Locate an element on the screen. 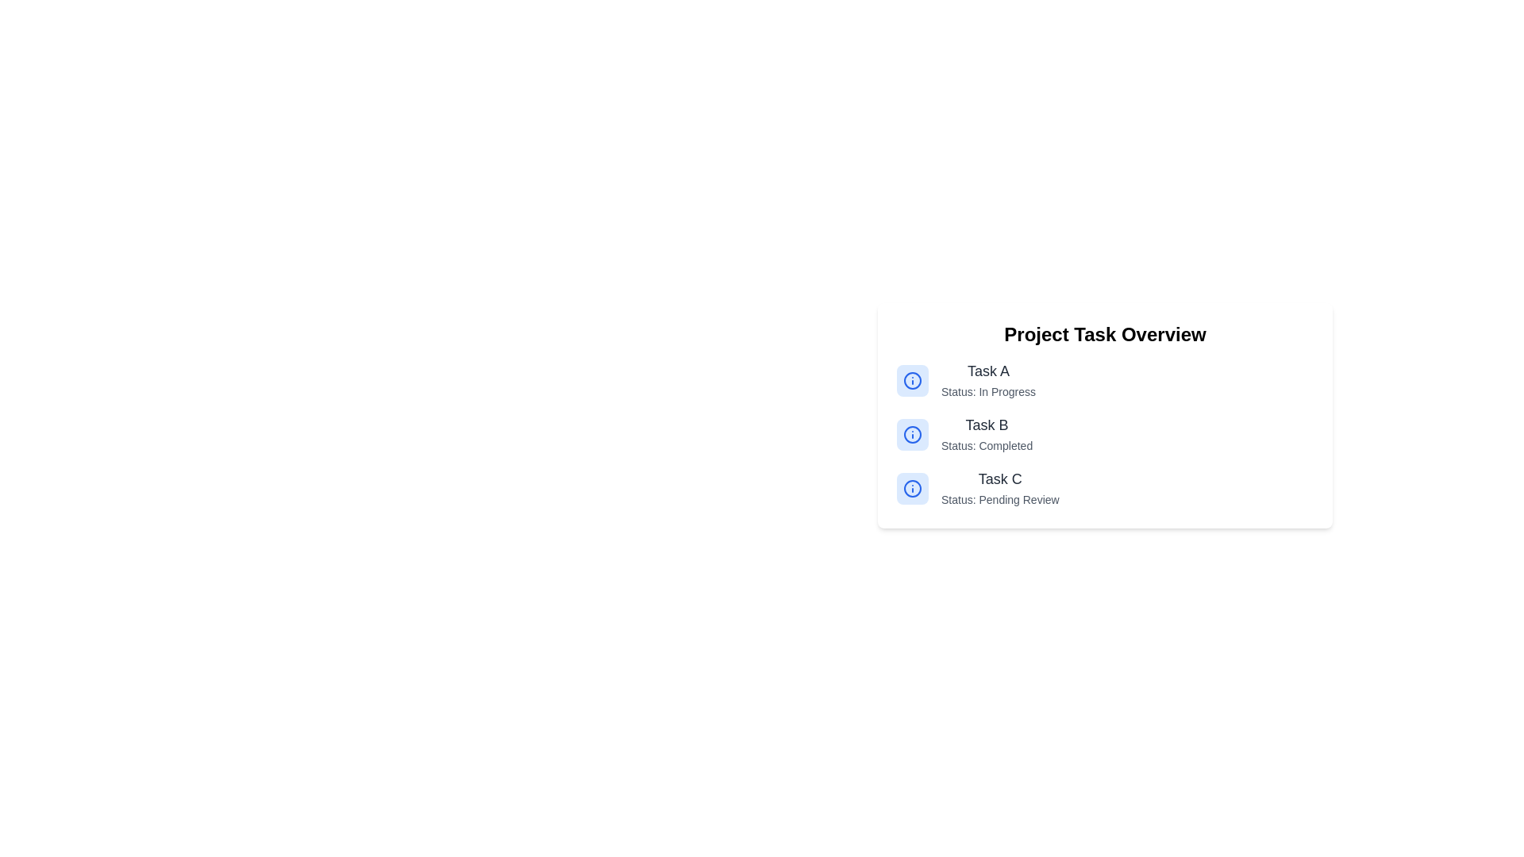 The height and width of the screenshot is (857, 1524). the button surrounding the circular icon with a blue stroke that symbolizes an info marker, located to the left of the 'Task A' text in the vertical list of the task card is located at coordinates (913, 380).